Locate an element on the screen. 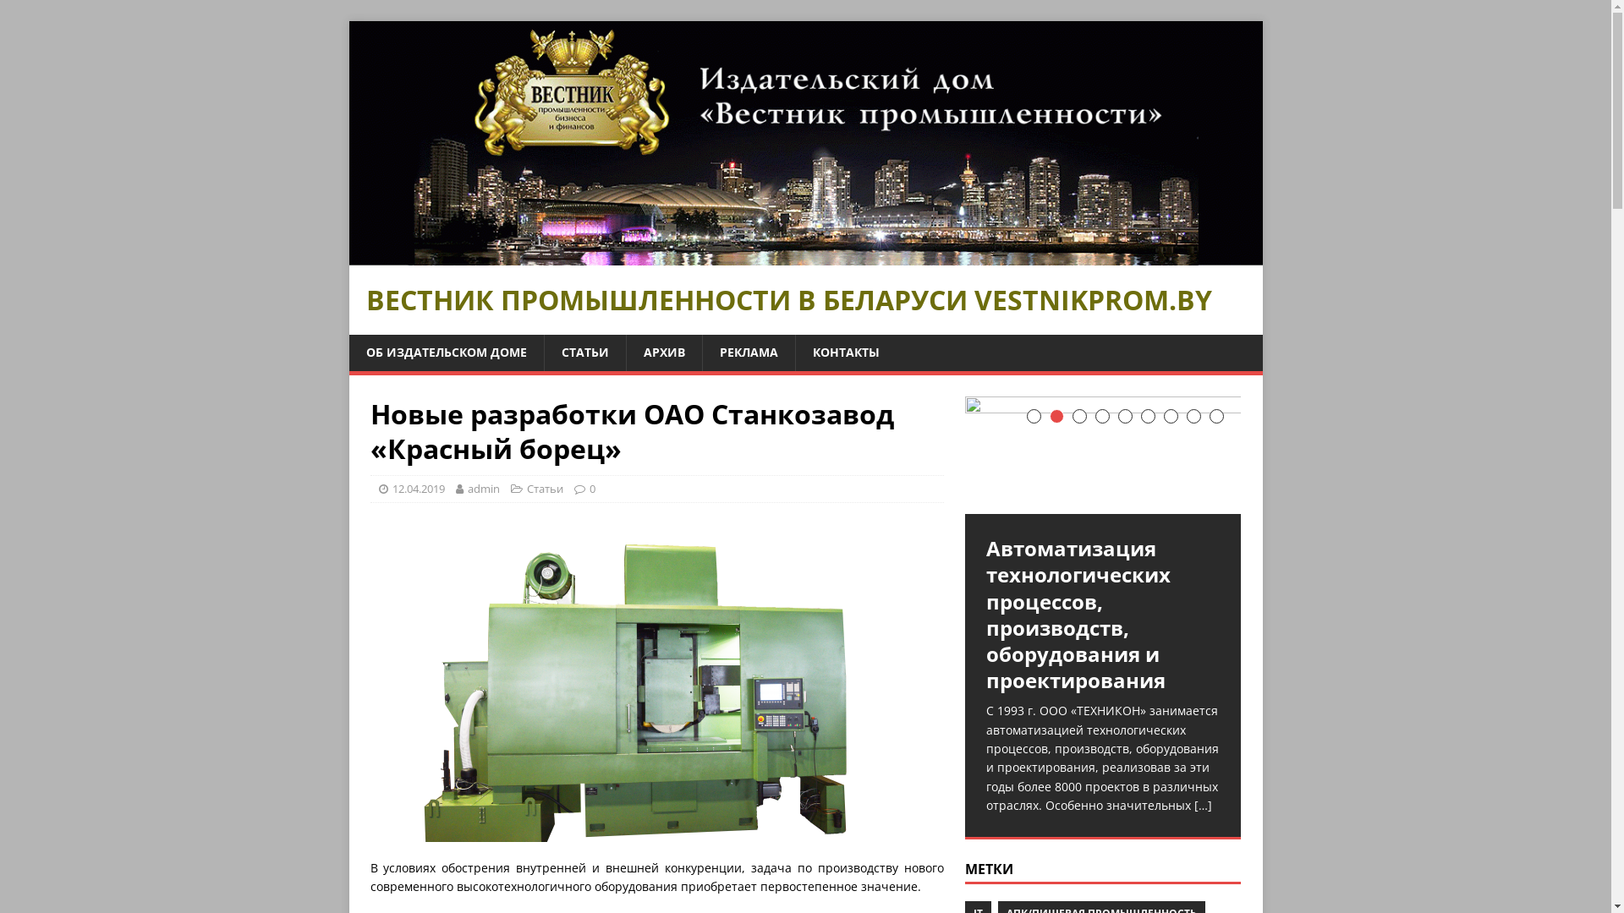 Image resolution: width=1624 pixels, height=913 pixels. '4' is located at coordinates (1102, 416).